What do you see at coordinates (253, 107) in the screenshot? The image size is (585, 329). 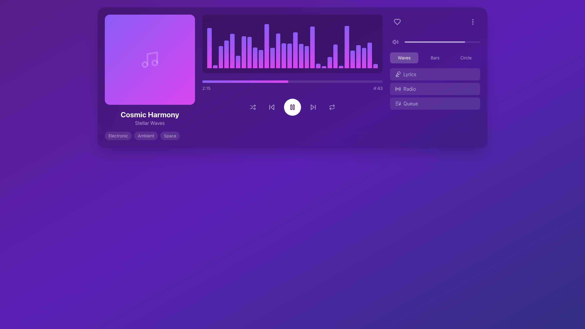 I see `the shuffle icon with intersecting arrows on a purple background located in the control bar of the music player` at bounding box center [253, 107].